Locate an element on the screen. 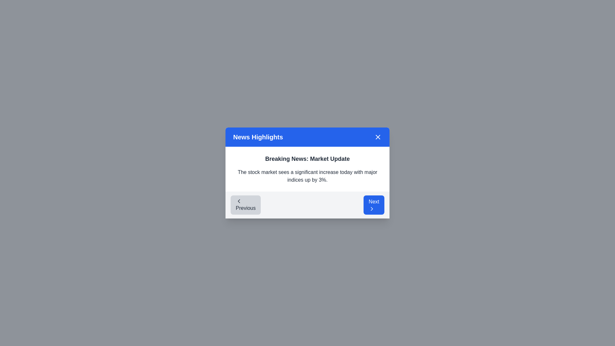 The height and width of the screenshot is (346, 615). the left-pointing chevron icon within the 'Previous' button in the modal dialog titled 'News Highlights' is located at coordinates (238, 201).